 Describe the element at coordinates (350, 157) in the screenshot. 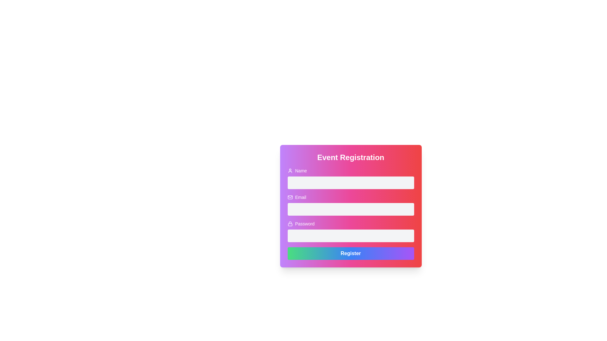

I see `prominently styled header with the text 'Event Registration' that is centered at the top of the form section, above the fields labeled 'Name', 'Email', and 'Password'` at that location.